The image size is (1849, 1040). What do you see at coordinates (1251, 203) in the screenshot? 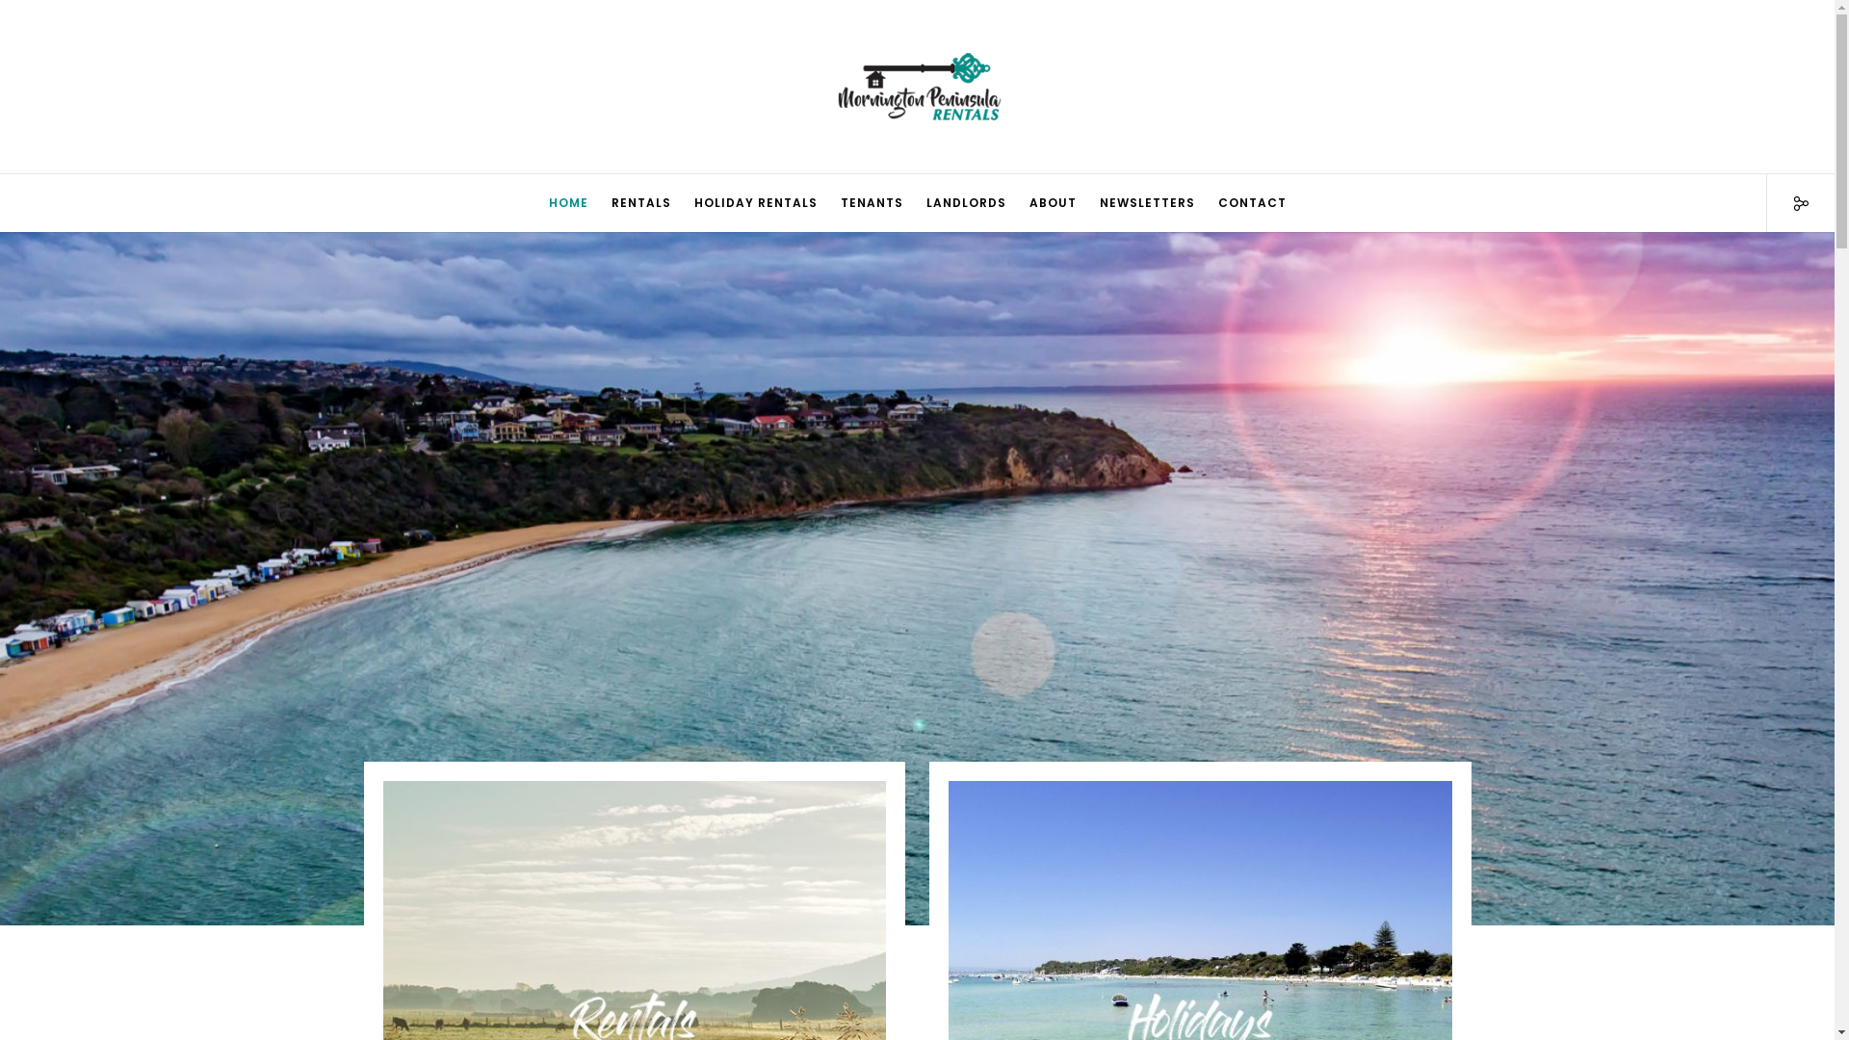
I see `'CONTACT'` at bounding box center [1251, 203].